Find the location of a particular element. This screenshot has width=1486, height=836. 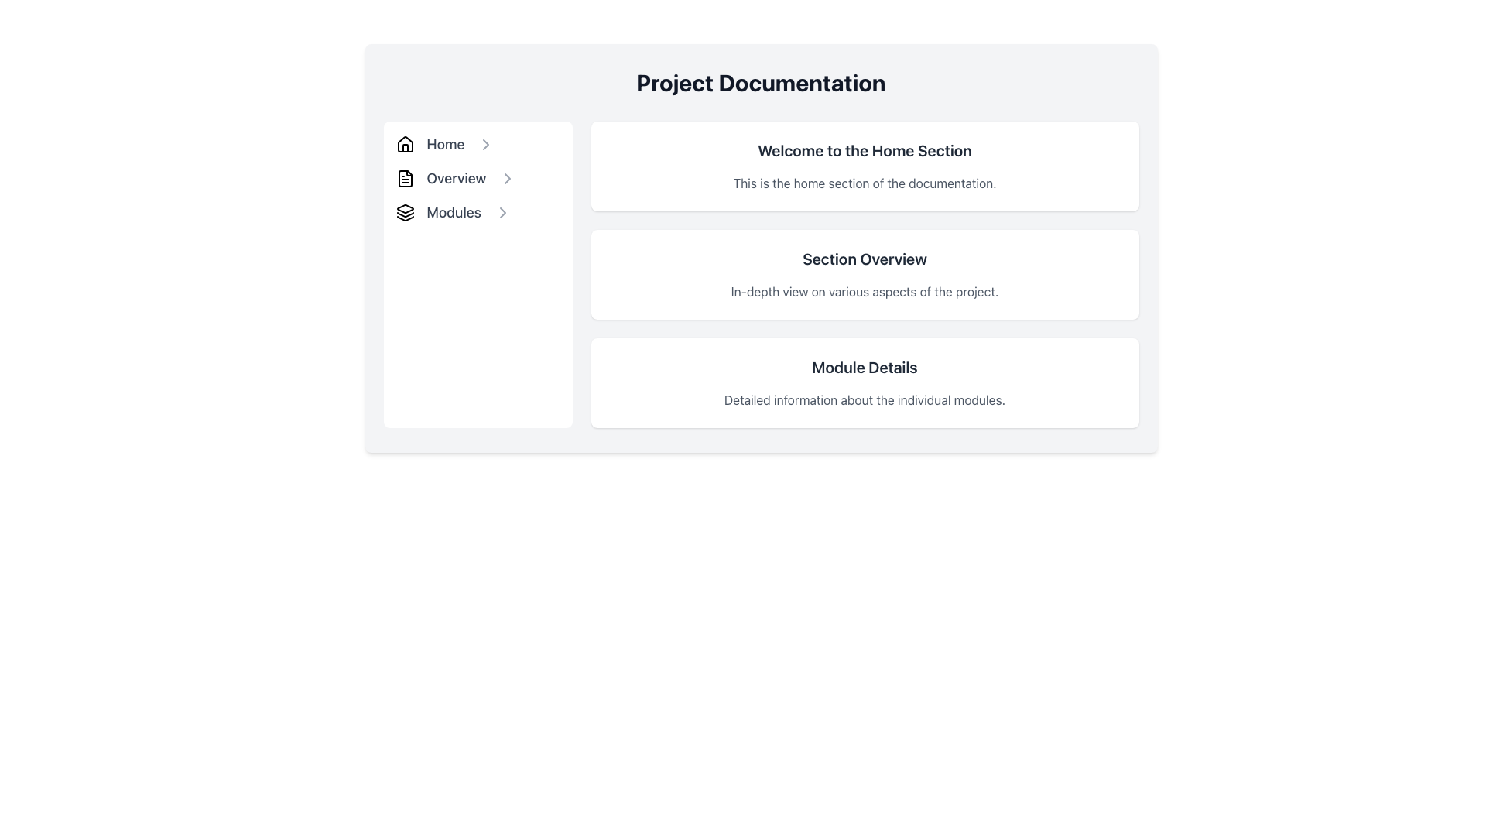

the project overview card positioned as the second card in a vertically stacked group of three cards, located centrally in the layout is located at coordinates (864, 273).